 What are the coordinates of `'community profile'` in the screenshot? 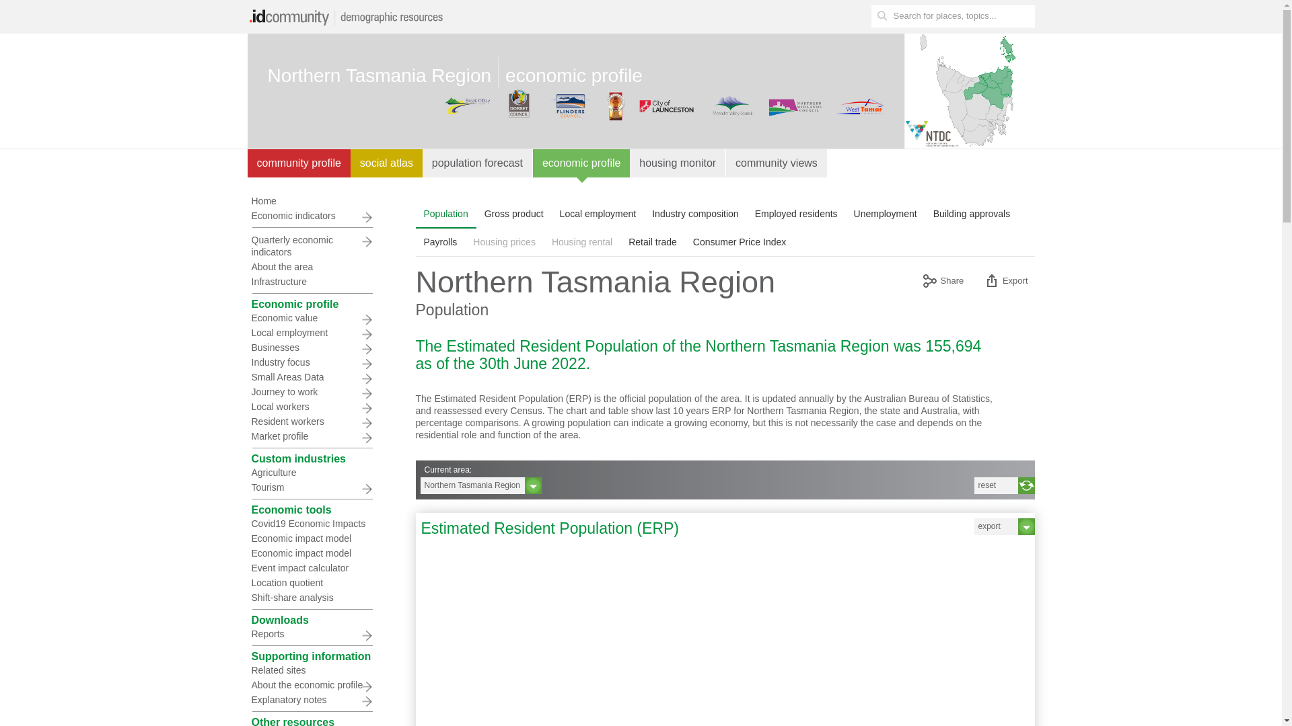 It's located at (298, 163).